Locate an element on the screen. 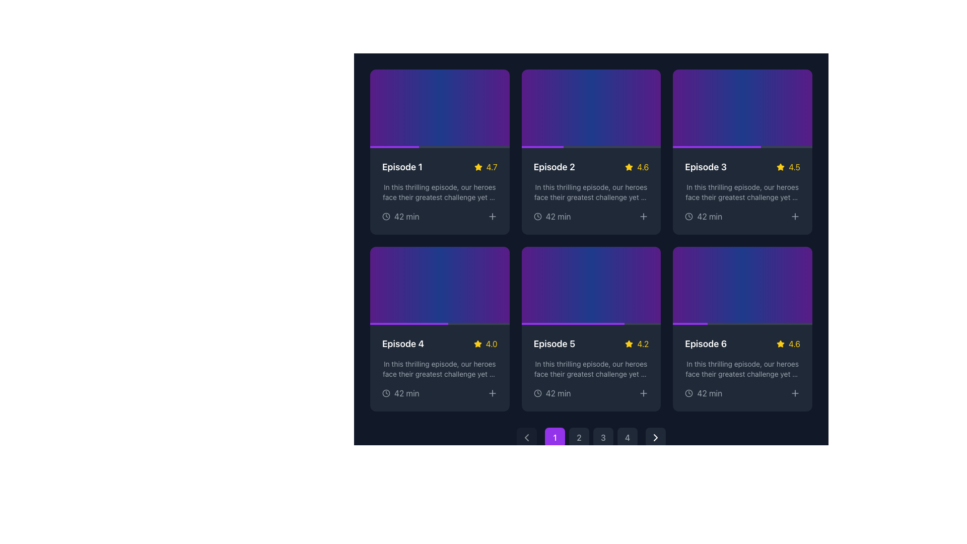 This screenshot has height=544, width=967. the text element displaying '42 min' which indicates the time duration of Episode 2, located below the title and description, next to a clock icon is located at coordinates (558, 216).